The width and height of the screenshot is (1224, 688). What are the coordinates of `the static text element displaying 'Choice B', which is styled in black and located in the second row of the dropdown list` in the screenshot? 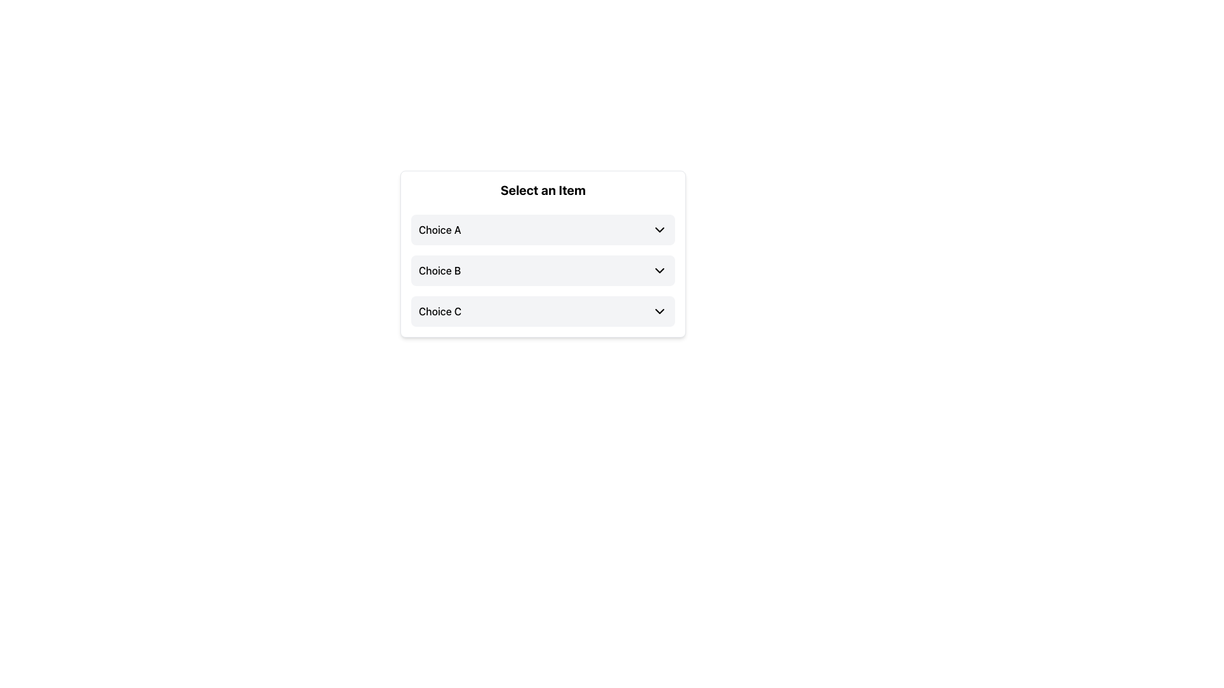 It's located at (440, 269).